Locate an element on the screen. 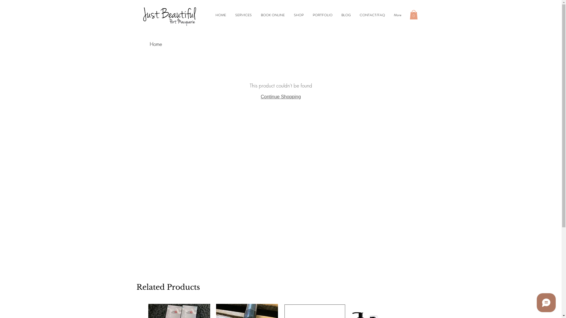 This screenshot has height=318, width=566. 'BOOK ONLINE' is located at coordinates (273, 14).